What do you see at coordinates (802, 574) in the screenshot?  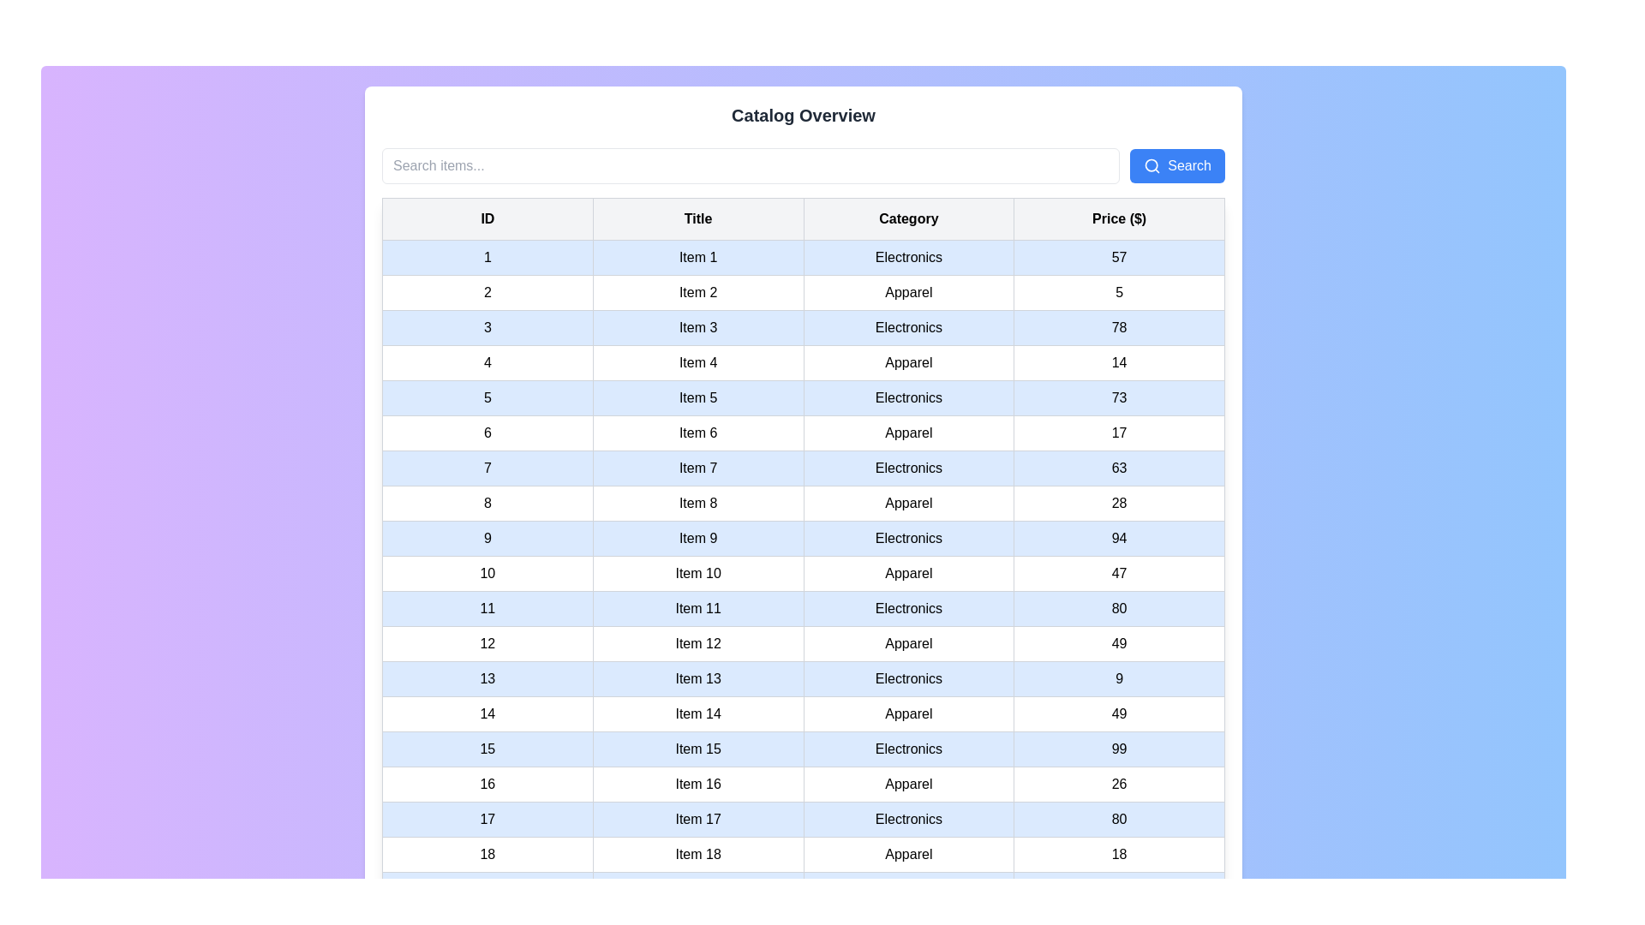 I see `the tabular row displaying detailed information for 'Item 10'` at bounding box center [802, 574].